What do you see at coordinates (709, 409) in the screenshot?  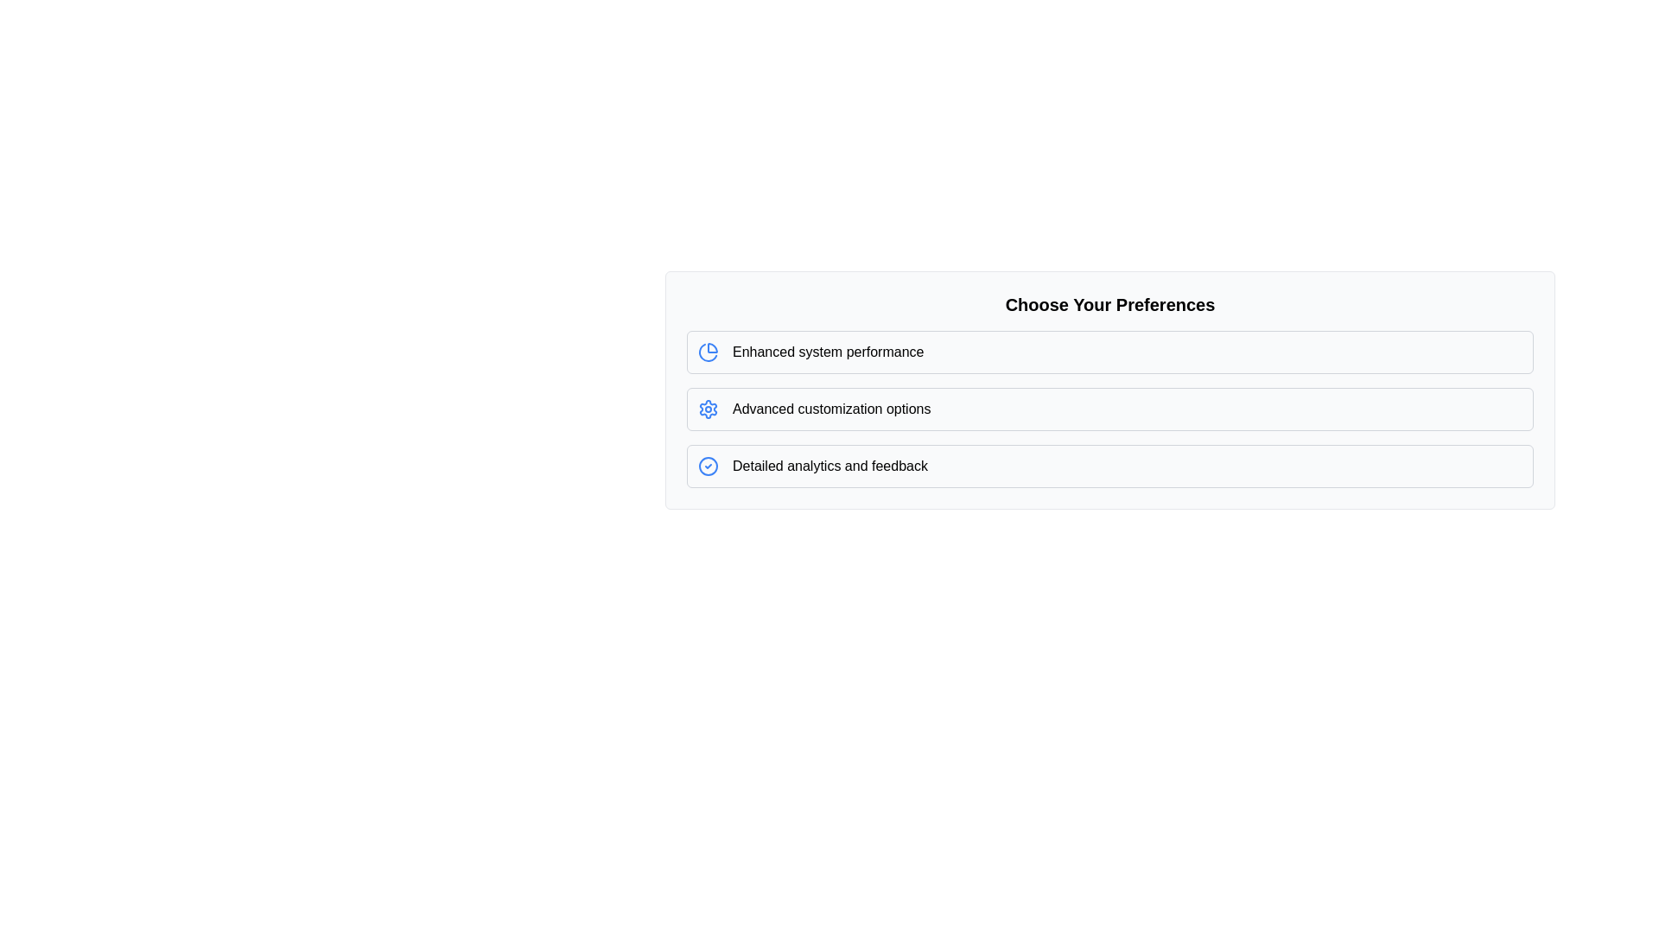 I see `the gear icon representing the settings or customization options in the 'Advanced customization options' section` at bounding box center [709, 409].